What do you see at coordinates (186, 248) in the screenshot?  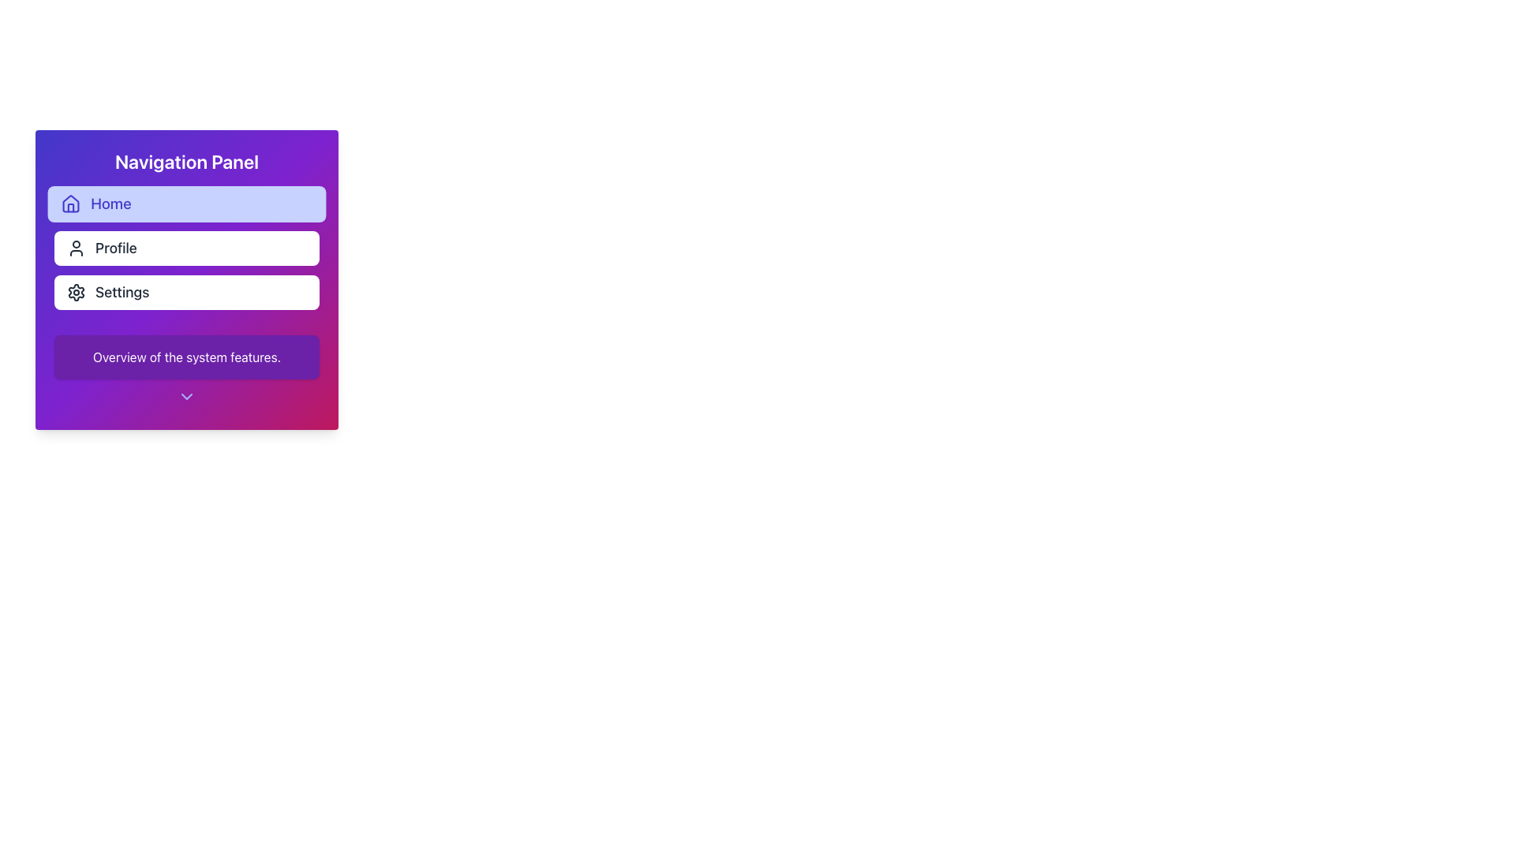 I see `the 'Profile' button, which is a rectangular button with a white background and rounded corners, located below the 'Home' button in the Navigation Panel` at bounding box center [186, 248].